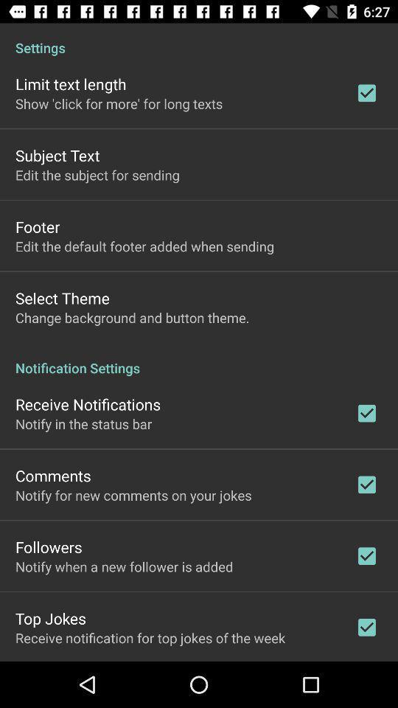 This screenshot has width=398, height=708. I want to click on the select theme icon, so click(61, 297).